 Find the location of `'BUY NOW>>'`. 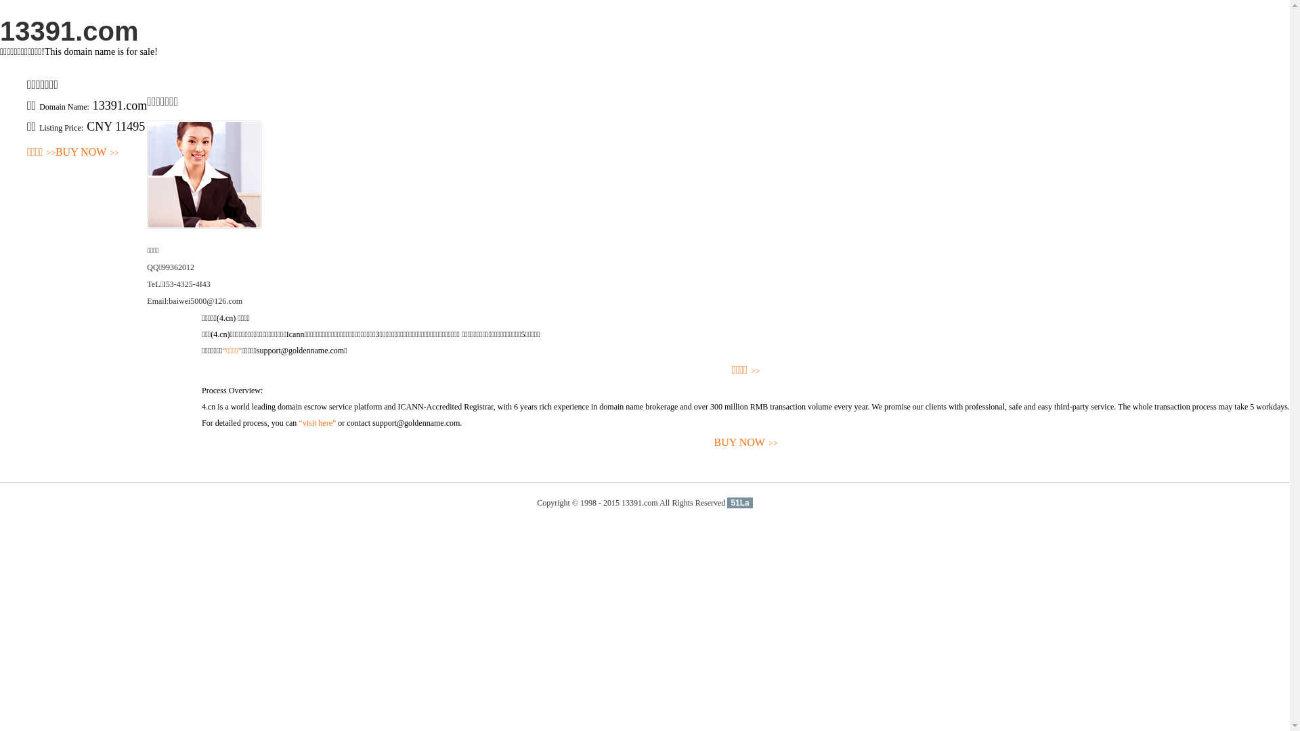

'BUY NOW>>' is located at coordinates (87, 152).